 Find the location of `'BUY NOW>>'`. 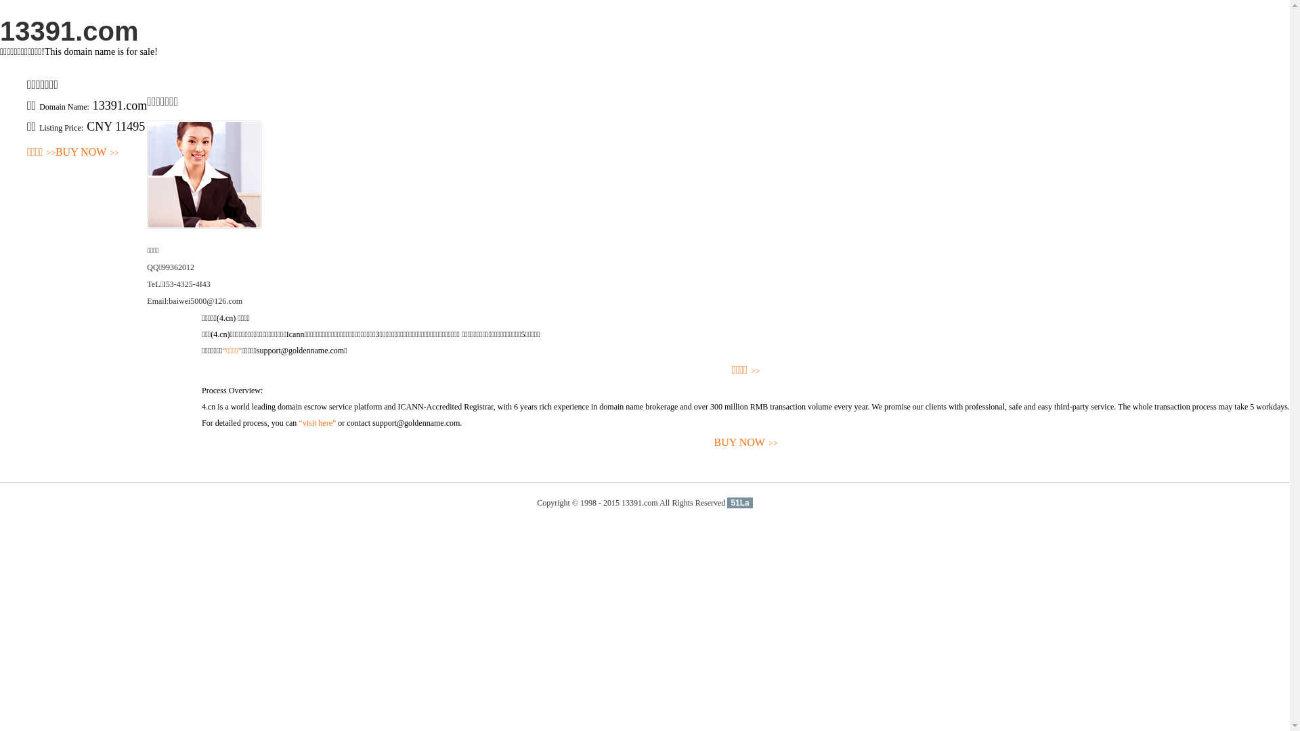

'BUY NOW>>' is located at coordinates (87, 152).